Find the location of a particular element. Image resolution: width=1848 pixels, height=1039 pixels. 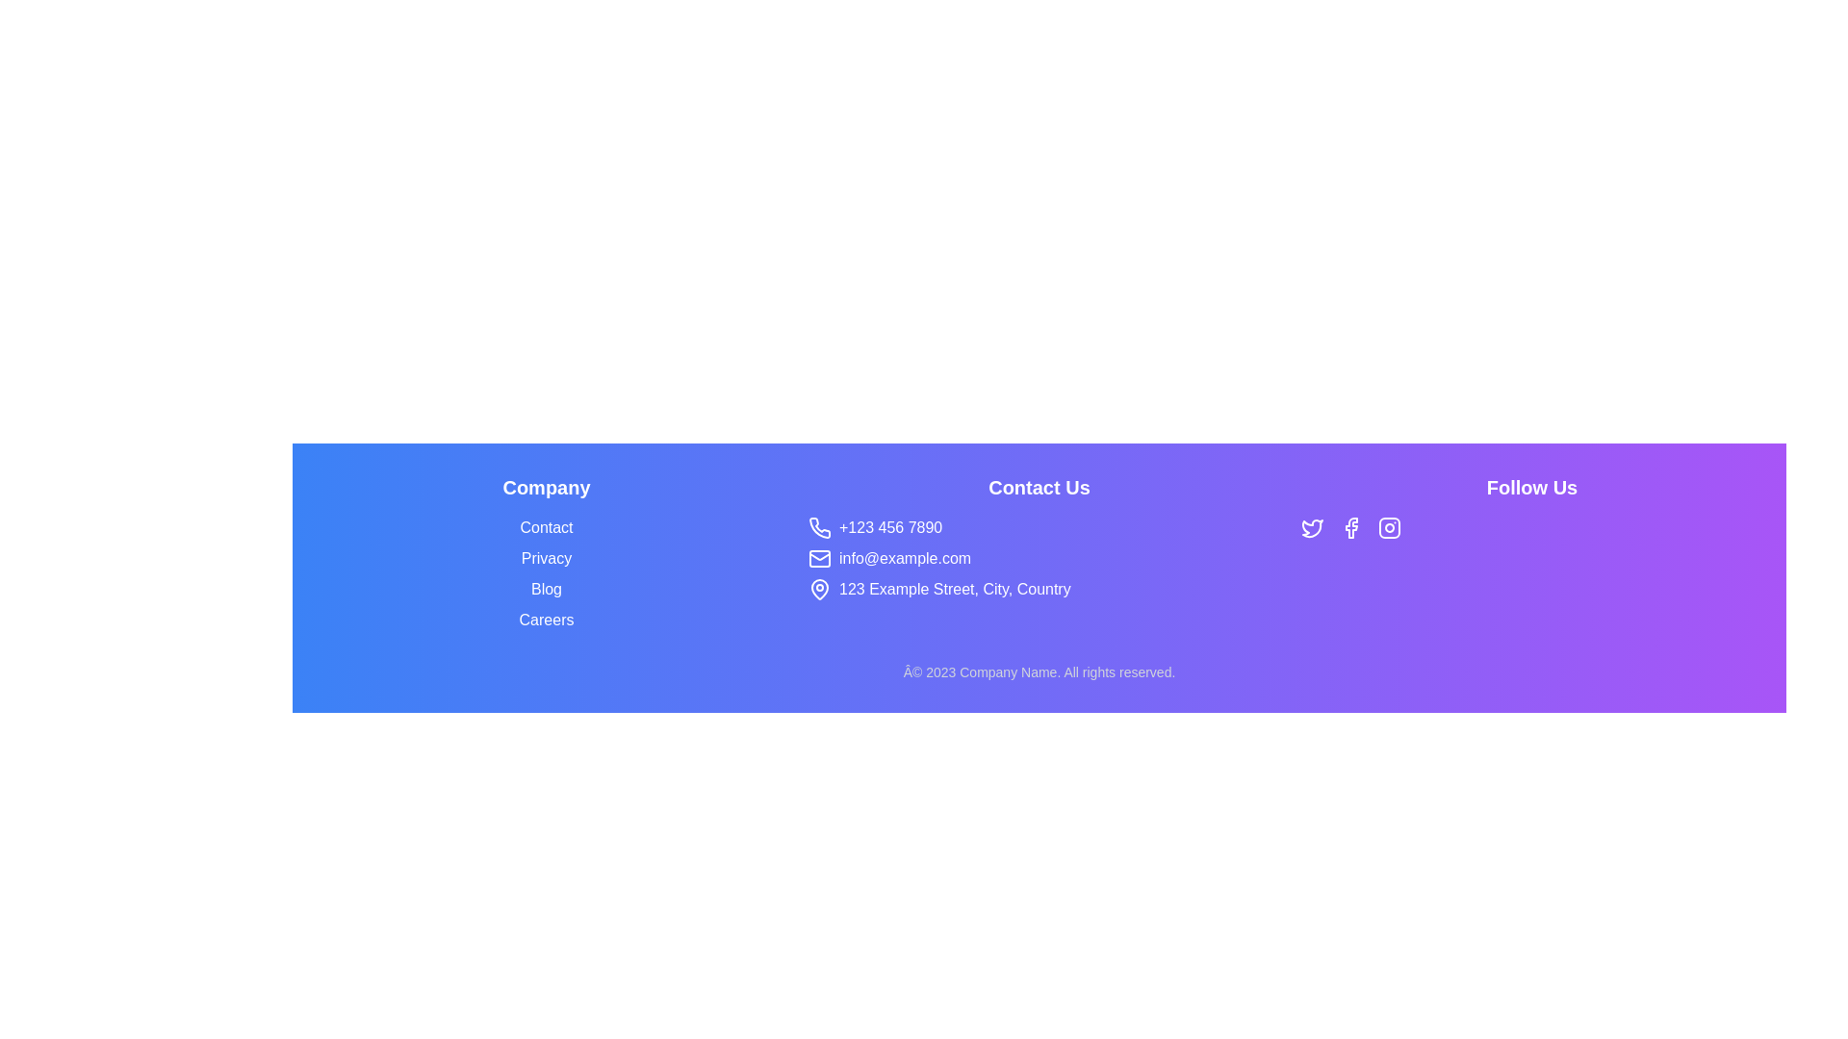

the static text element displaying the phone number '+123 456 7890', which is located in the 'Contact Us' section of the footer, to the right of a phone icon and above an email address link is located at coordinates (889, 527).